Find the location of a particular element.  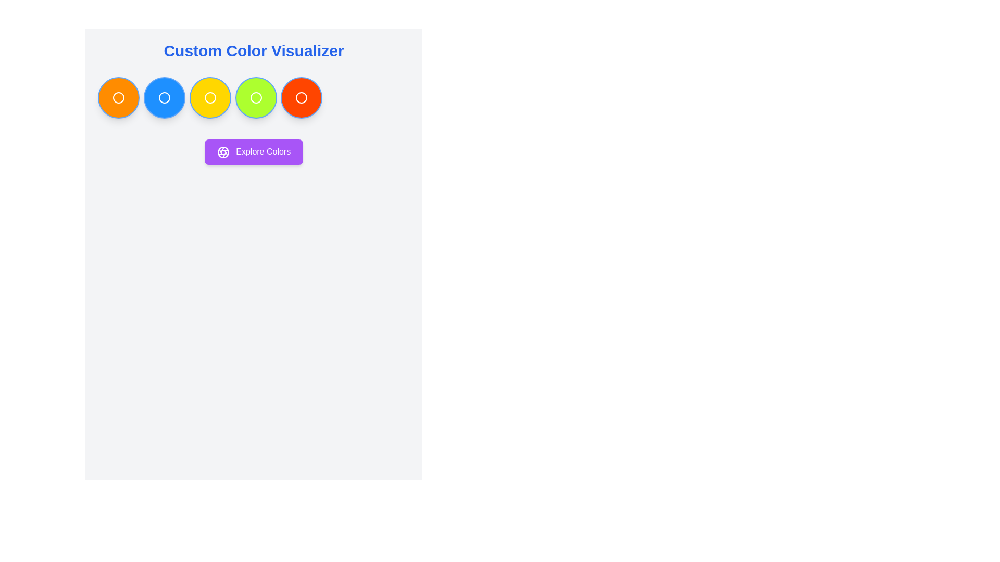

the decorative icon located to the left of the 'Explore Colors' text within the purple button is located at coordinates (222, 152).